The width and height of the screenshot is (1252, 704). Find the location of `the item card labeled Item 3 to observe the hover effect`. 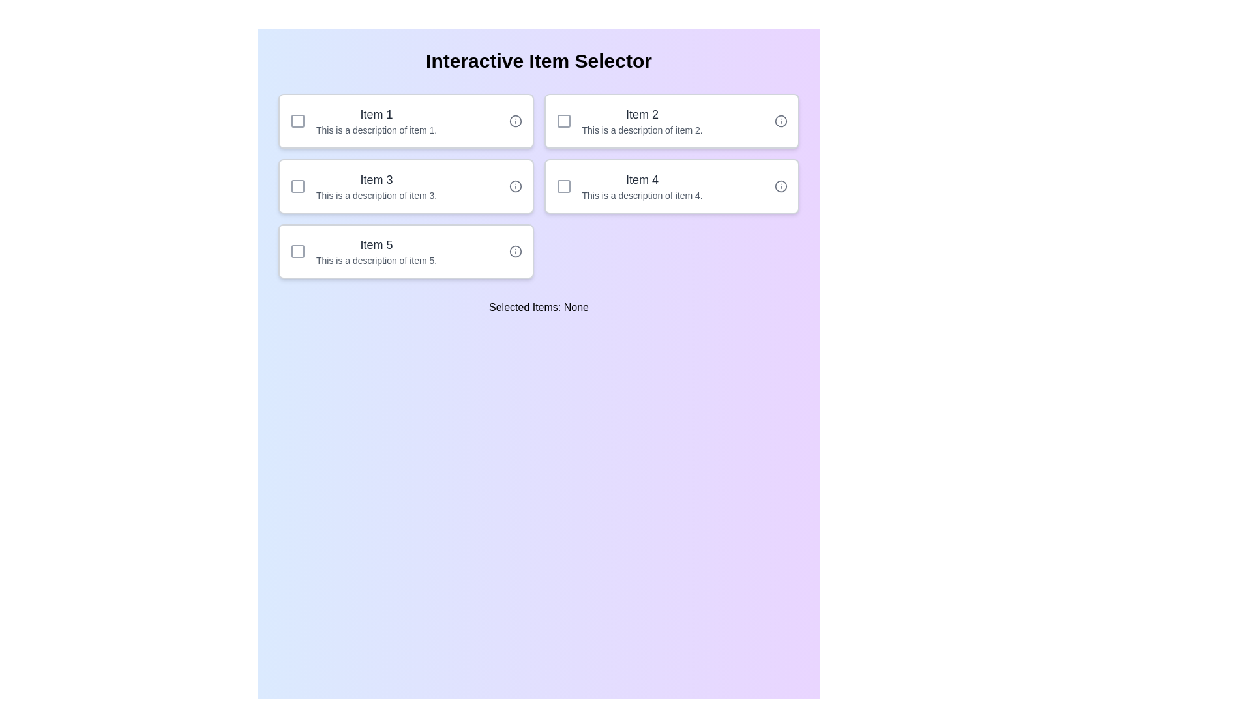

the item card labeled Item 3 to observe the hover effect is located at coordinates (405, 186).